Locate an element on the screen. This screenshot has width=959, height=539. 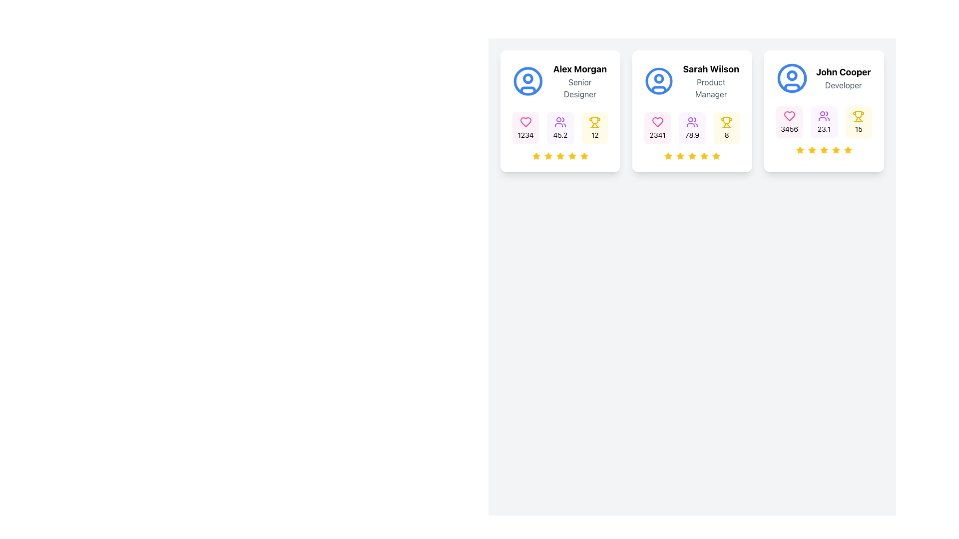
information displayed on the yellow trophy icon with the text '15' located in the lower right segment of the card labeled 'John Cooper' is located at coordinates (858, 122).